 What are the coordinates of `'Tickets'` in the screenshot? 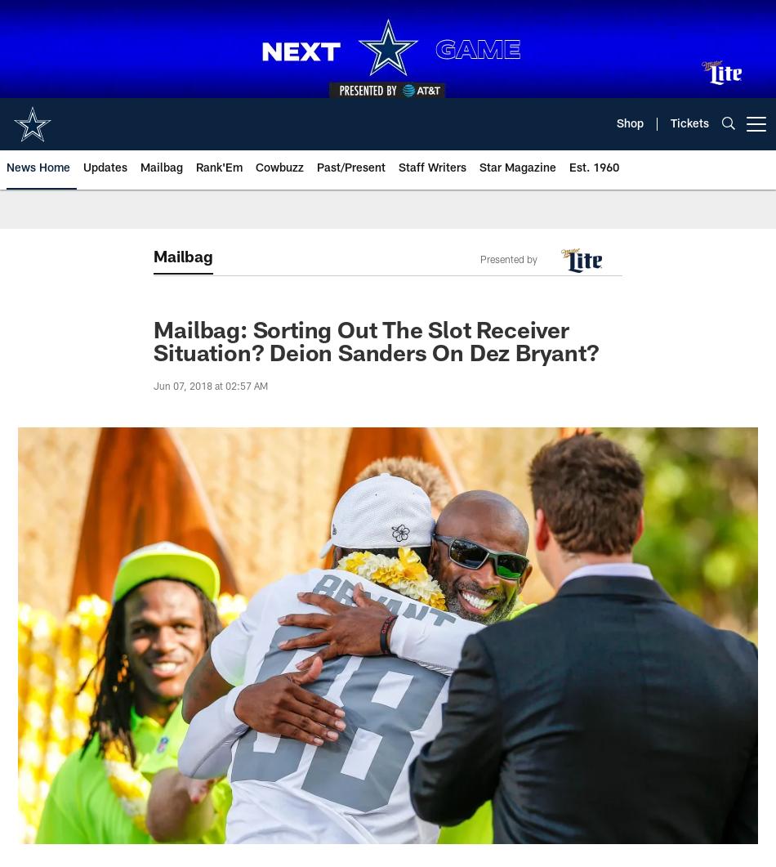 It's located at (689, 124).